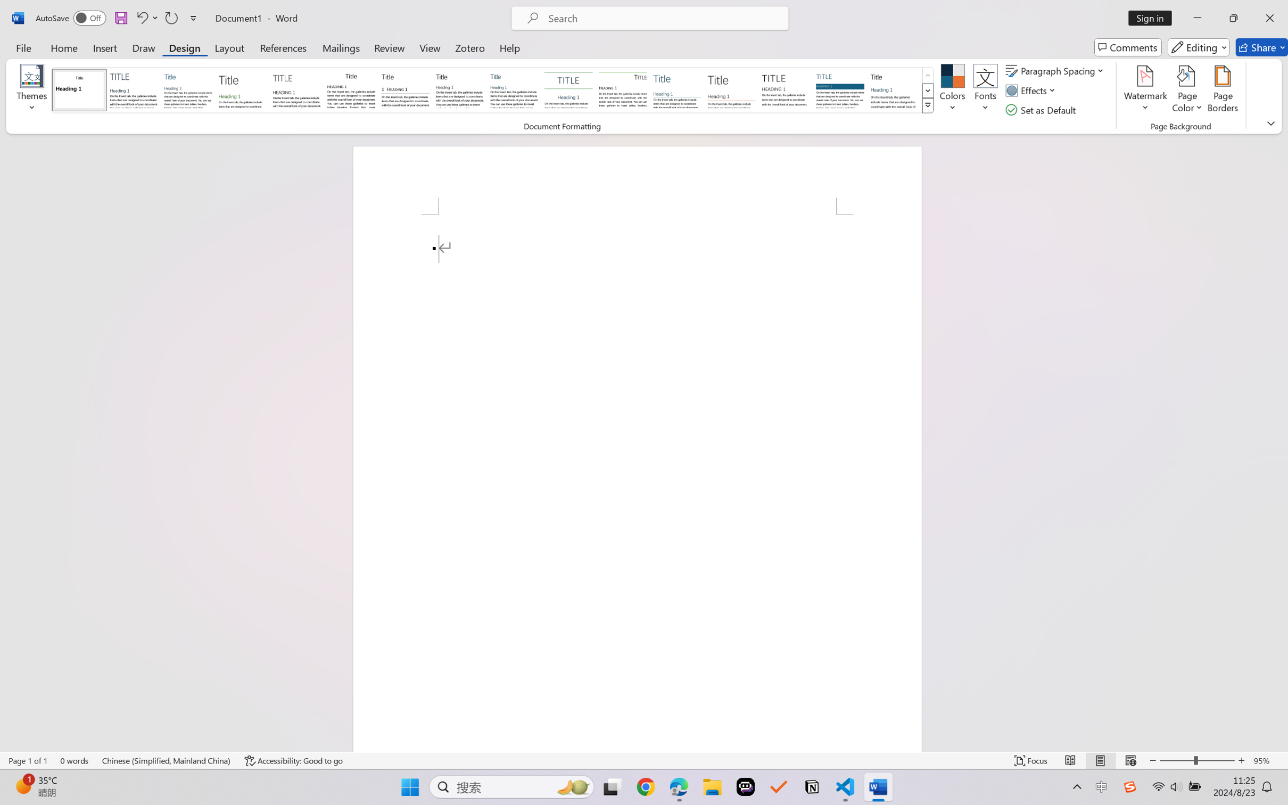 The height and width of the screenshot is (805, 1288). What do you see at coordinates (1145, 91) in the screenshot?
I see `'Watermark'` at bounding box center [1145, 91].